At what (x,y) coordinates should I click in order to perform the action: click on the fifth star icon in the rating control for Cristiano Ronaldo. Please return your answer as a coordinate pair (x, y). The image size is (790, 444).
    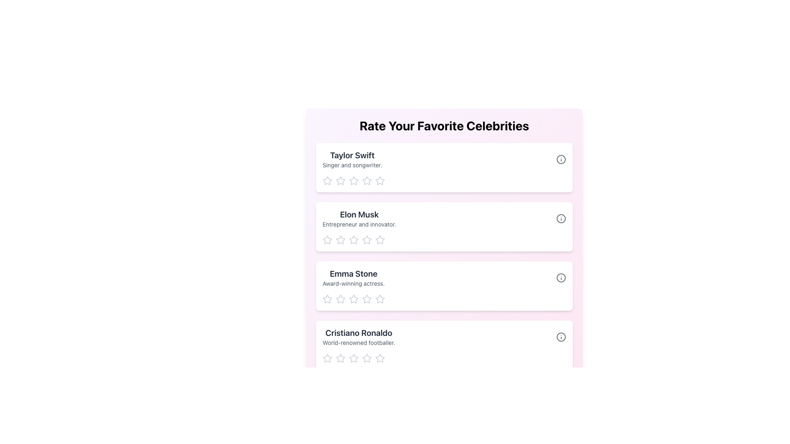
    Looking at the image, I should click on (353, 358).